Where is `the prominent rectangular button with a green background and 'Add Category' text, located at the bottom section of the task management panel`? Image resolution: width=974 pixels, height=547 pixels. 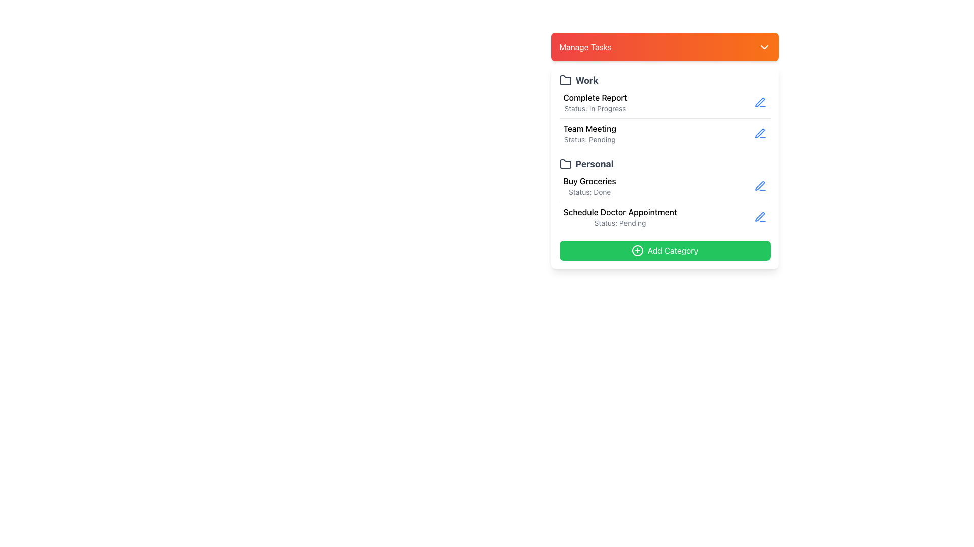 the prominent rectangular button with a green background and 'Add Category' text, located at the bottom section of the task management panel is located at coordinates (665, 250).